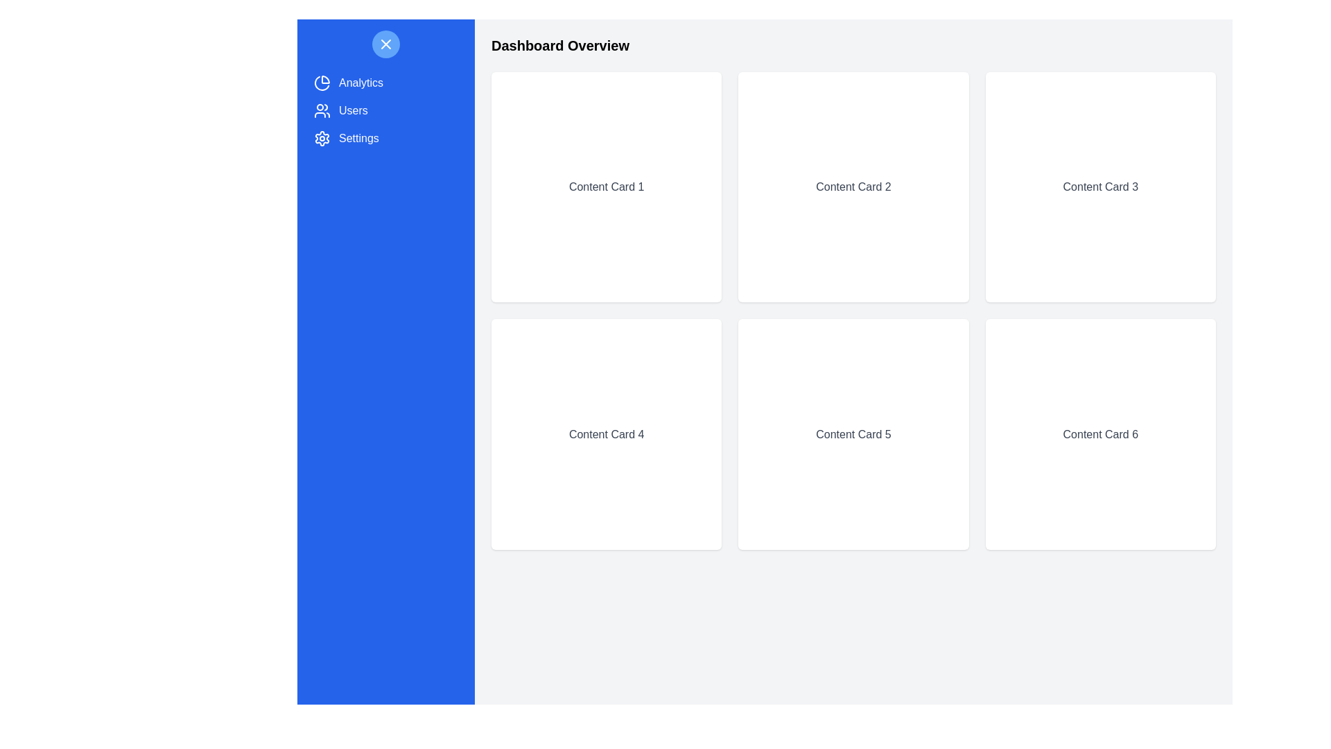 This screenshot has height=749, width=1331. What do you see at coordinates (385, 139) in the screenshot?
I see `the navigation drawer item labeled 'Settings' to observe its hover effect` at bounding box center [385, 139].